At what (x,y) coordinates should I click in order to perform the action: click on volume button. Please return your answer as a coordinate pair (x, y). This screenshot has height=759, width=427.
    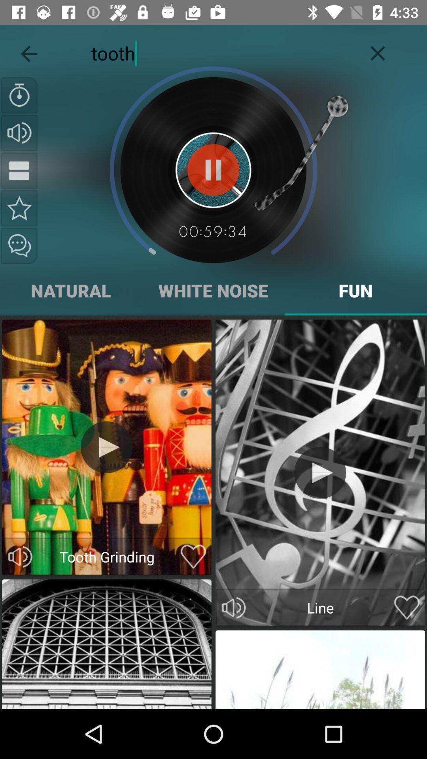
    Looking at the image, I should click on (19, 133).